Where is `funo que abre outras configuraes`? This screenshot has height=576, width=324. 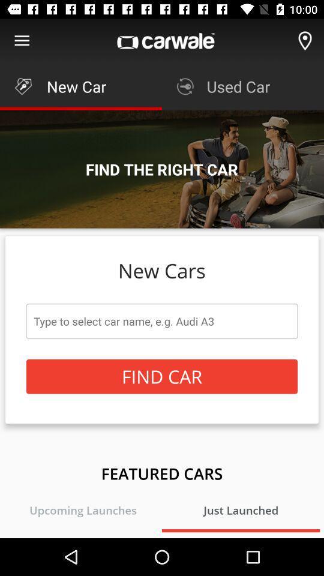 funo que abre outras configuraes is located at coordinates (22, 41).